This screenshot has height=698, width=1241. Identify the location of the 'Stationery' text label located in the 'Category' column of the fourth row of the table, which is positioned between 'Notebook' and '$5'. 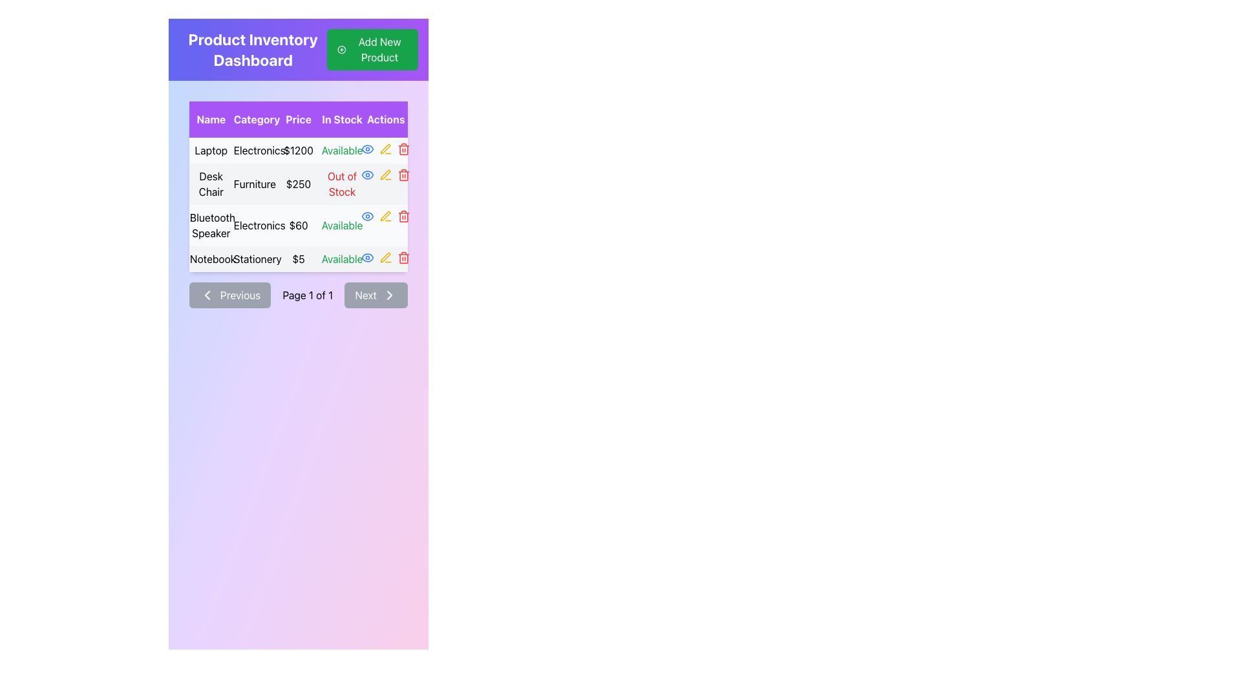
(255, 259).